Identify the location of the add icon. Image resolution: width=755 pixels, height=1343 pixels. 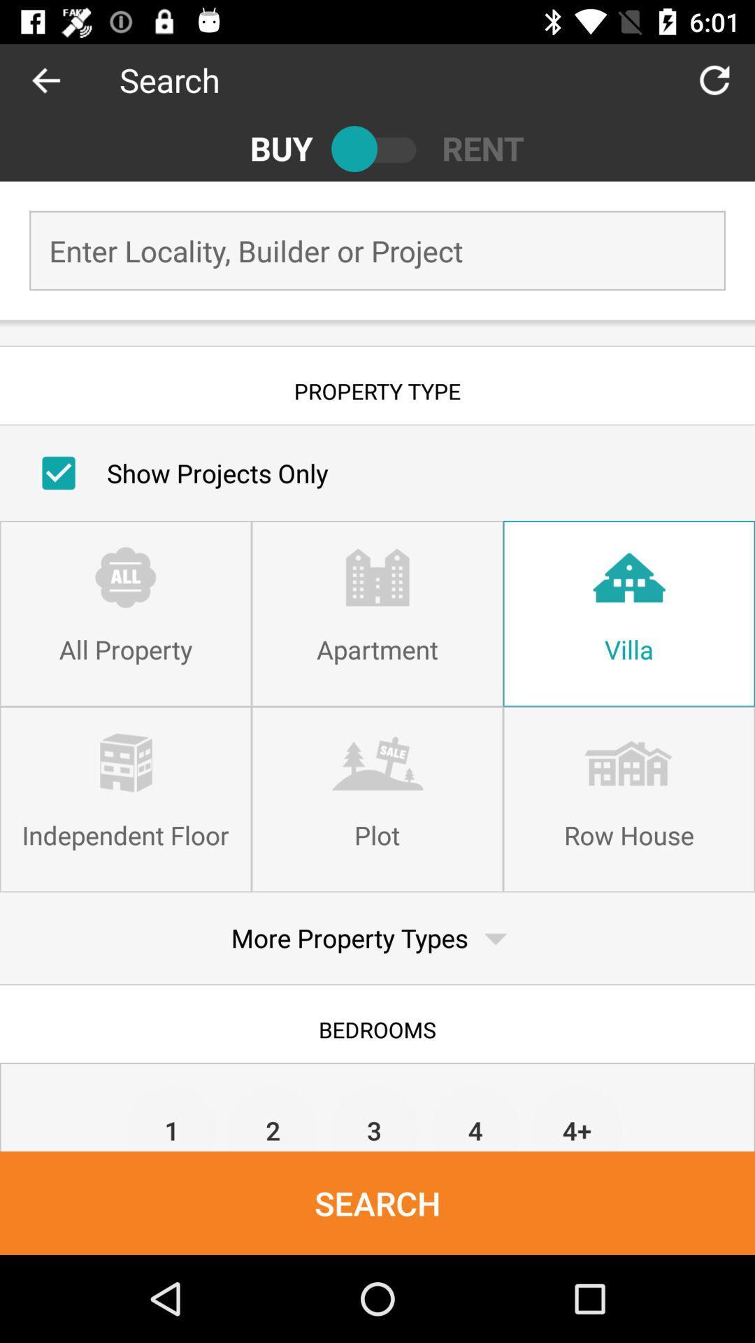
(59, 79).